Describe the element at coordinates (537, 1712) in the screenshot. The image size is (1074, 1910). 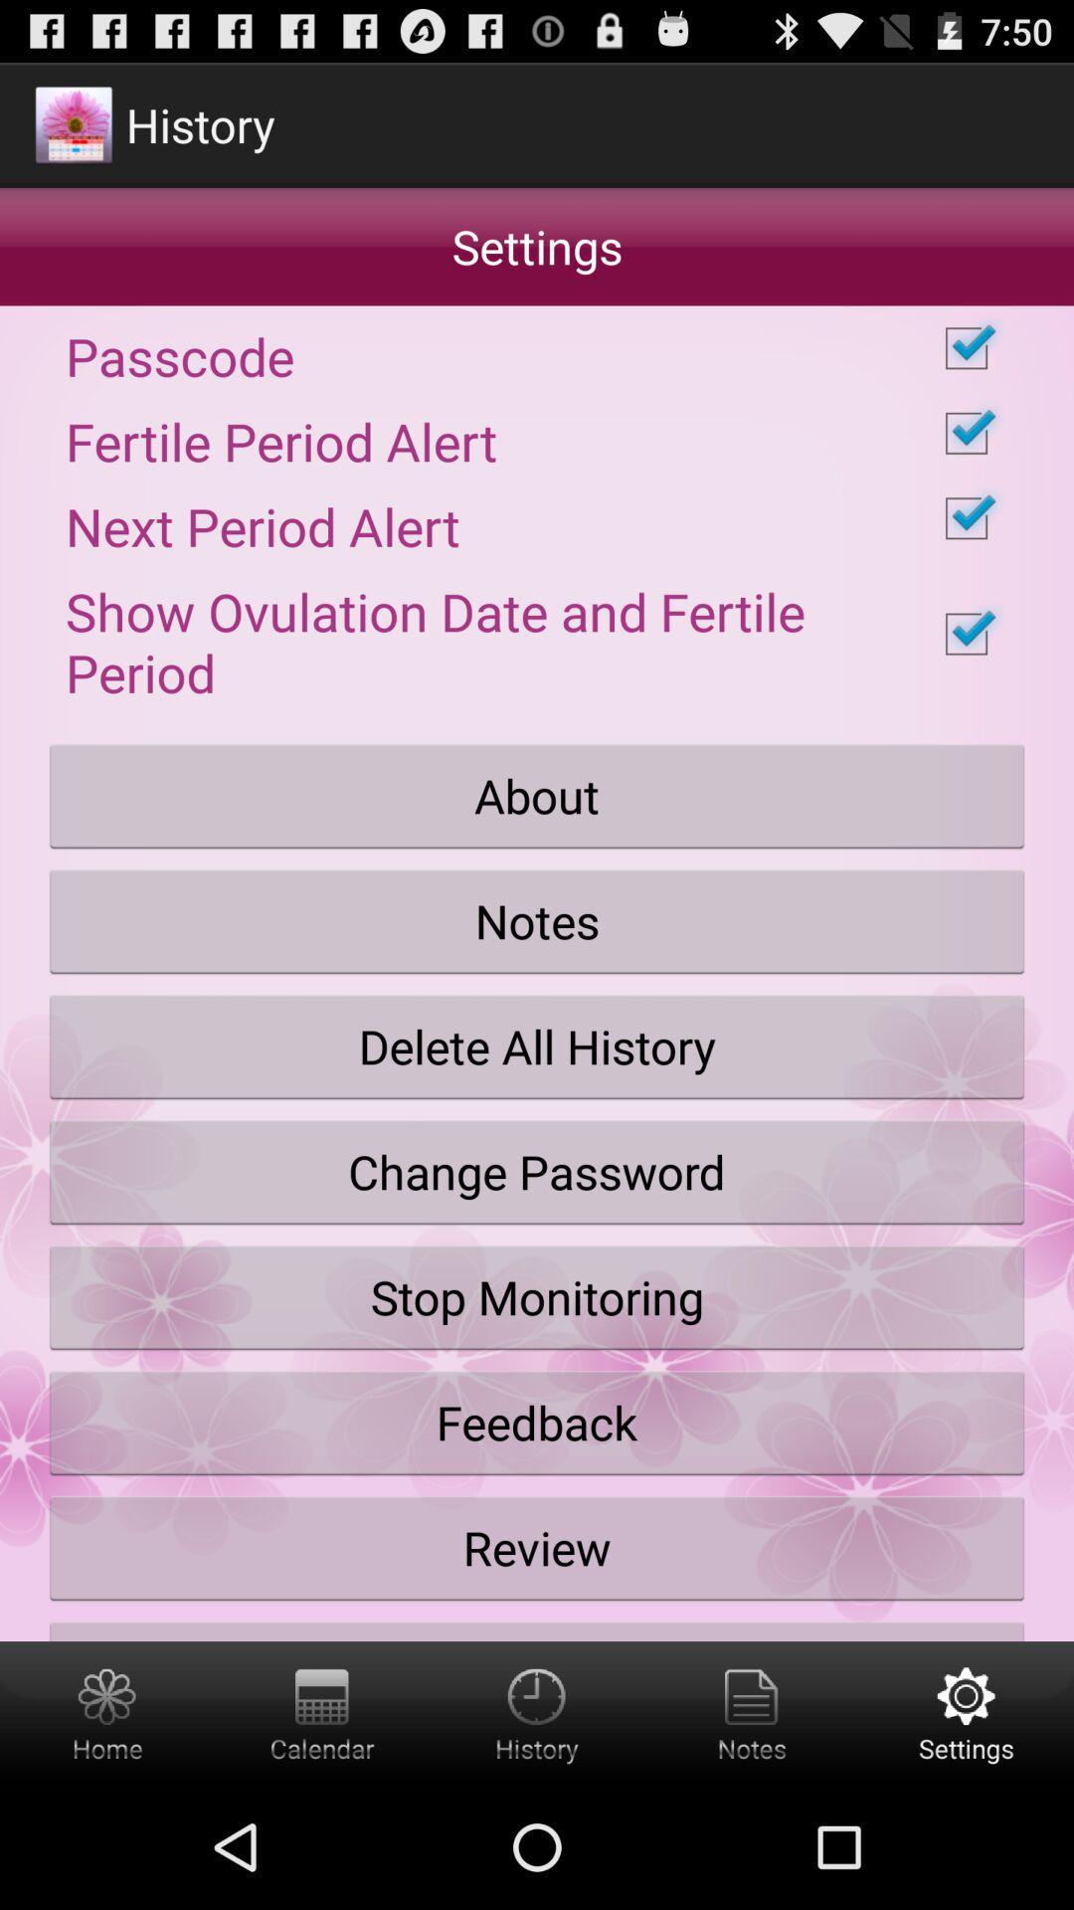
I see `check history` at that location.